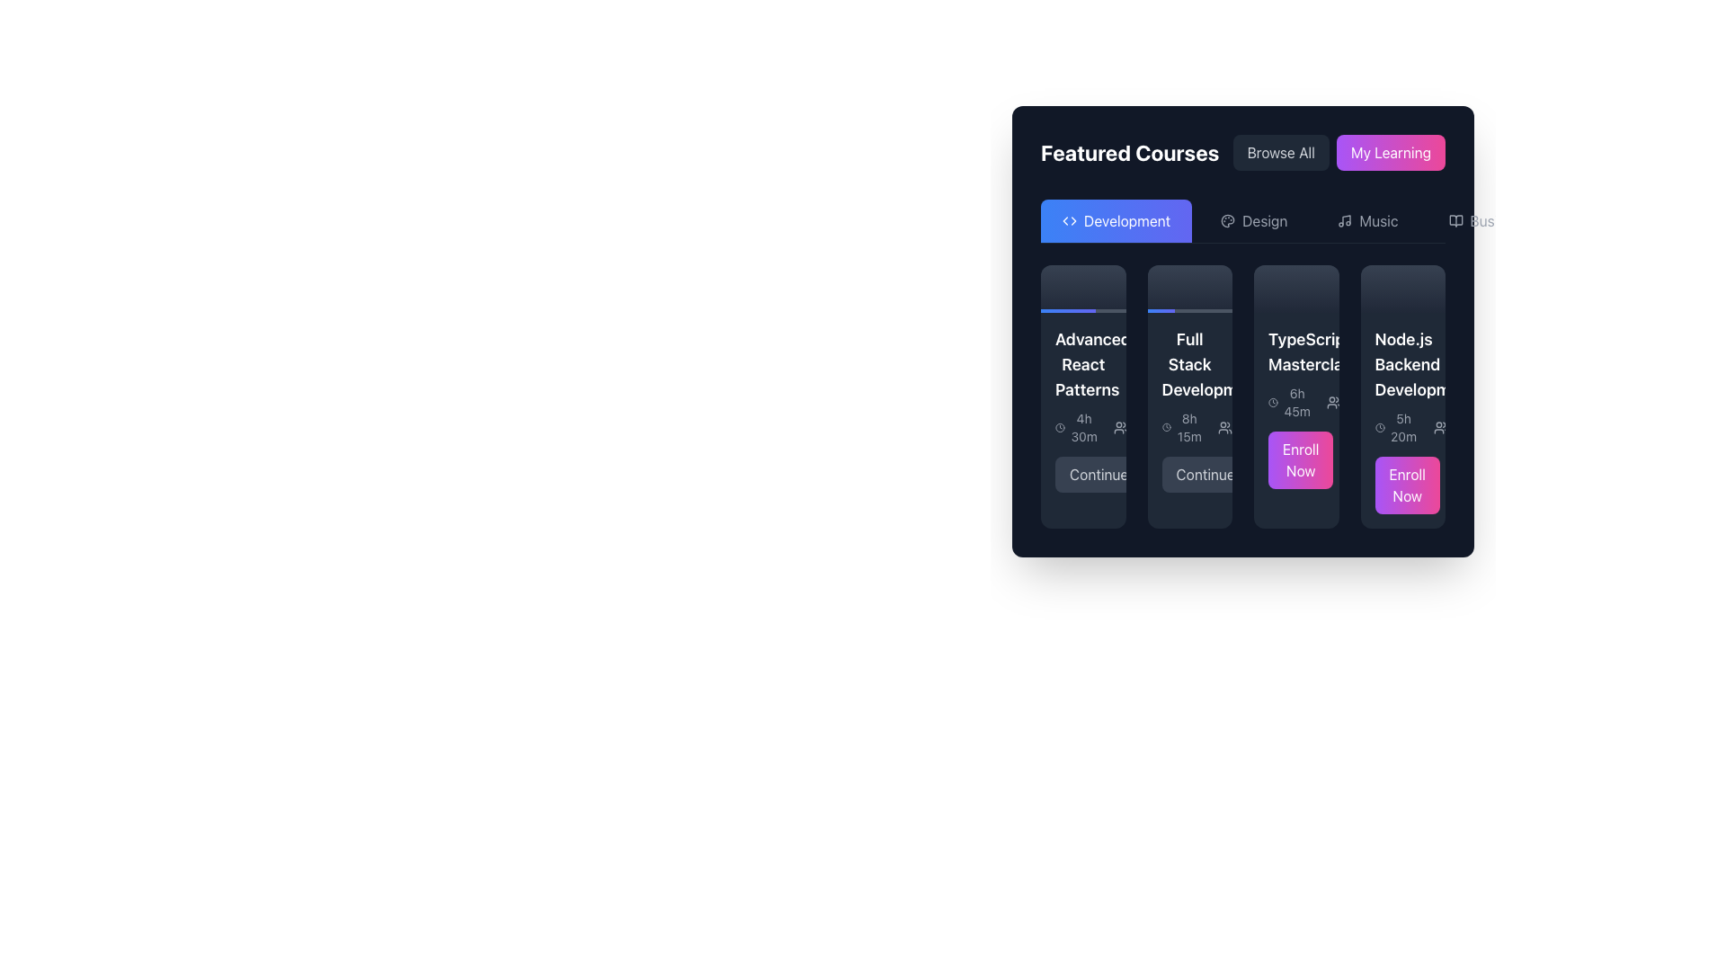  Describe the element at coordinates (1082, 310) in the screenshot. I see `the progress bar located at the bottom of the card component, which is a narrow horizontal bar with a gray background and a gradient blue to indigo color indicating progress` at that location.